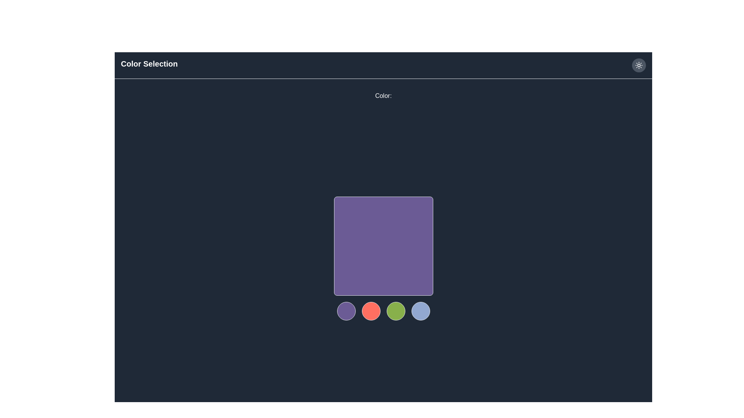  What do you see at coordinates (391, 310) in the screenshot?
I see `the third circular button from the left, which serves as a color selector in a group of four buttons, located below the central purple square` at bounding box center [391, 310].